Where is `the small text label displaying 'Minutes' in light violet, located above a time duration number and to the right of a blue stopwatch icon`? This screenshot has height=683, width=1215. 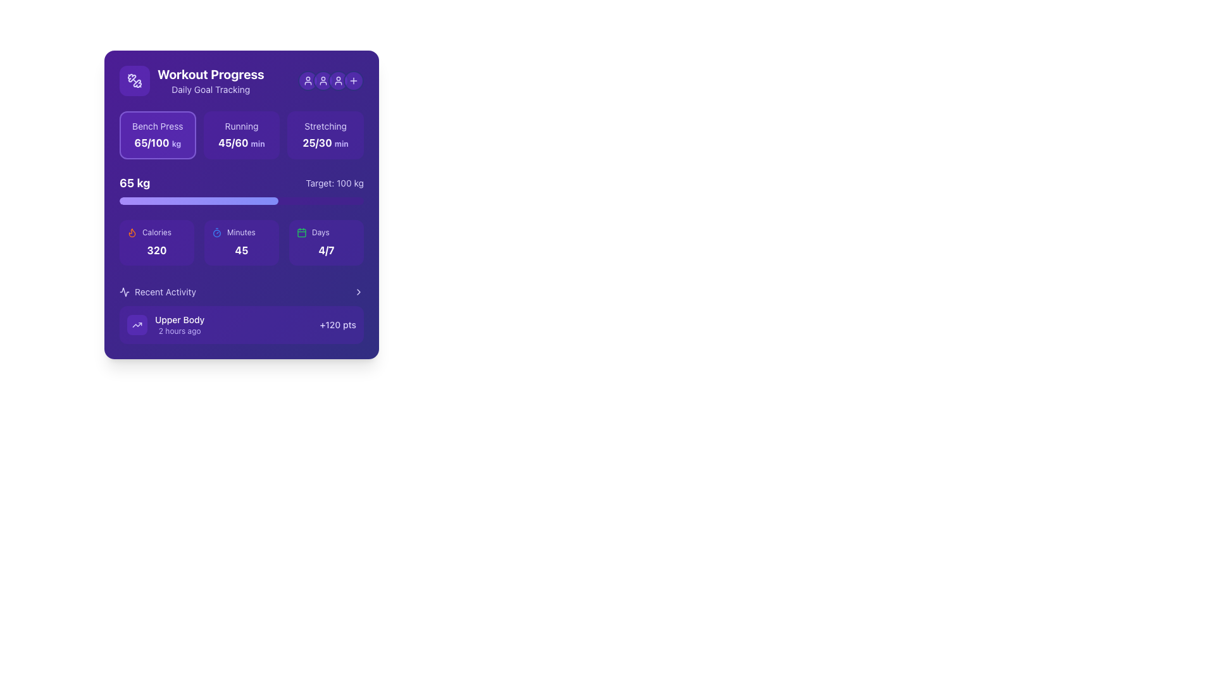 the small text label displaying 'Minutes' in light violet, located above a time duration number and to the right of a blue stopwatch icon is located at coordinates (241, 232).